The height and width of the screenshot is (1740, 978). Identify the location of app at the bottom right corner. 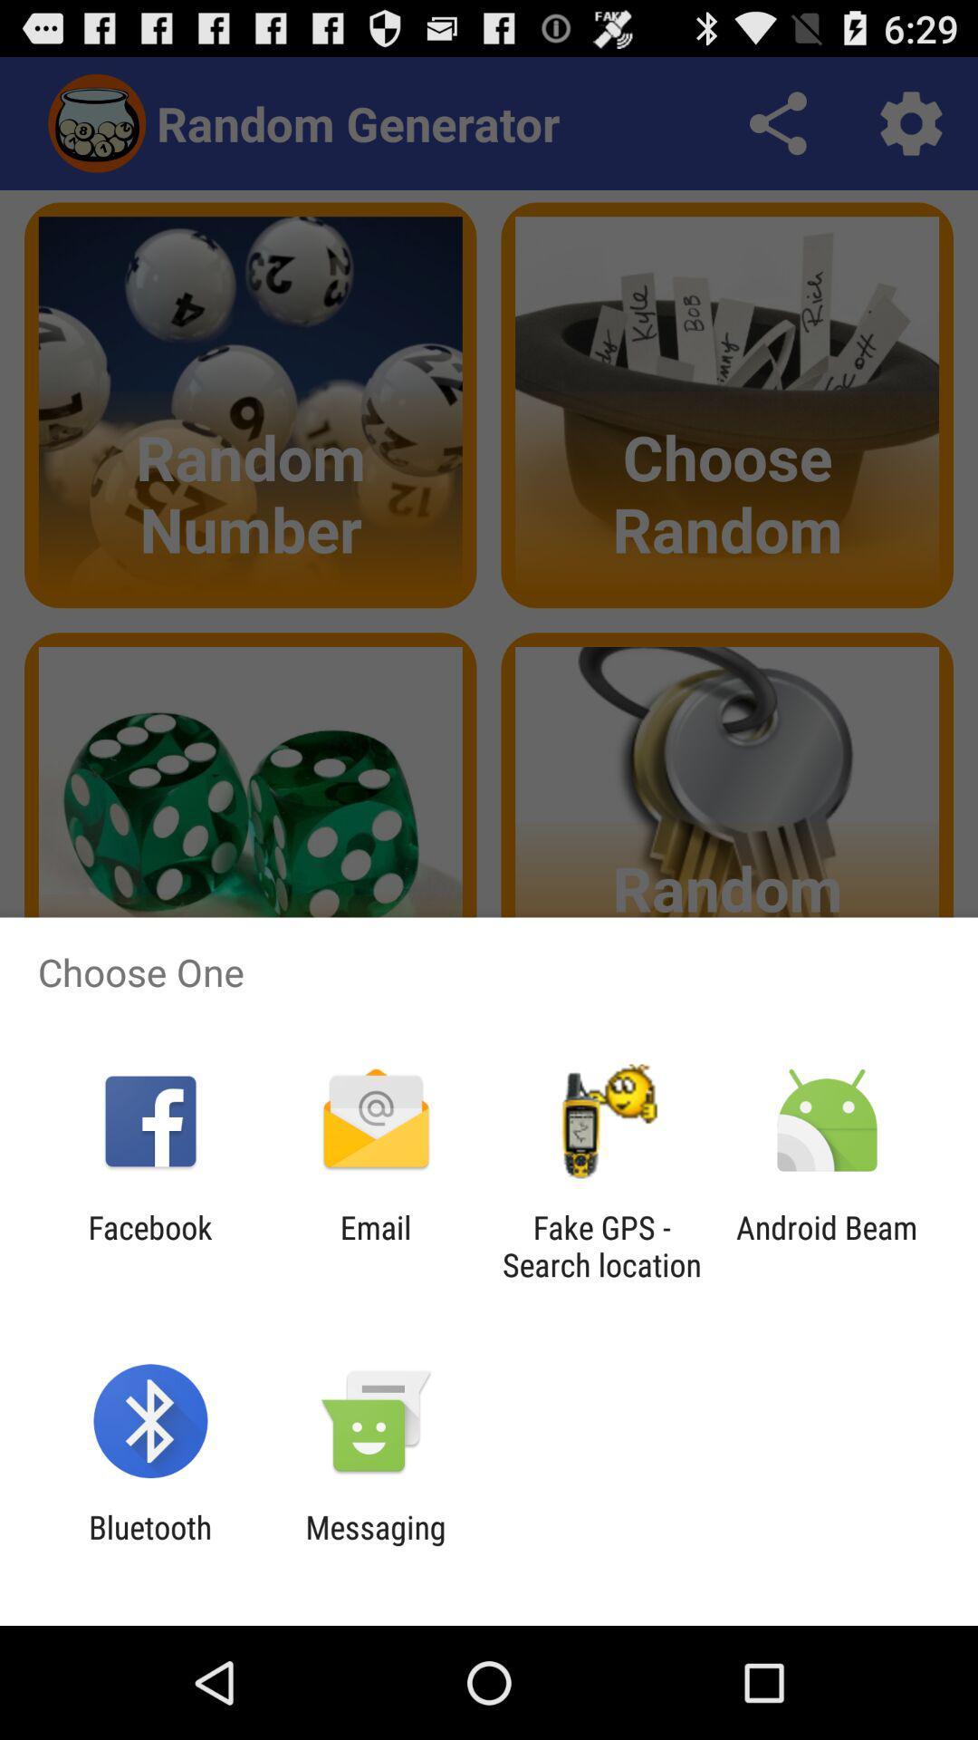
(827, 1245).